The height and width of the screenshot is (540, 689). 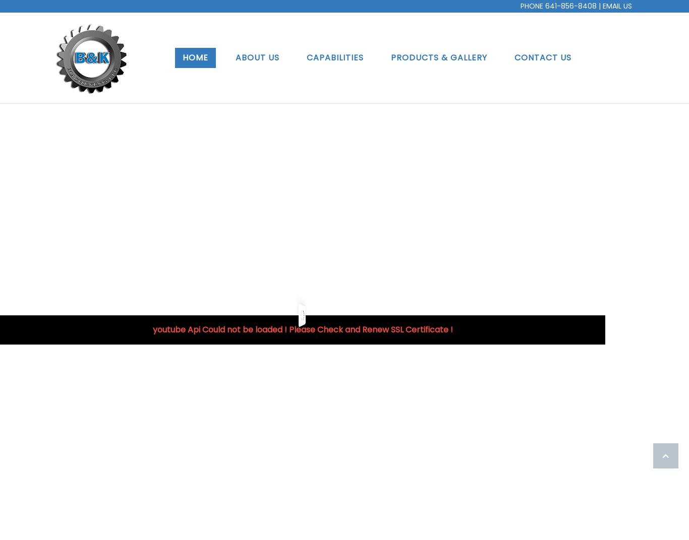 I want to click on 'Capabilities', so click(x=334, y=57).